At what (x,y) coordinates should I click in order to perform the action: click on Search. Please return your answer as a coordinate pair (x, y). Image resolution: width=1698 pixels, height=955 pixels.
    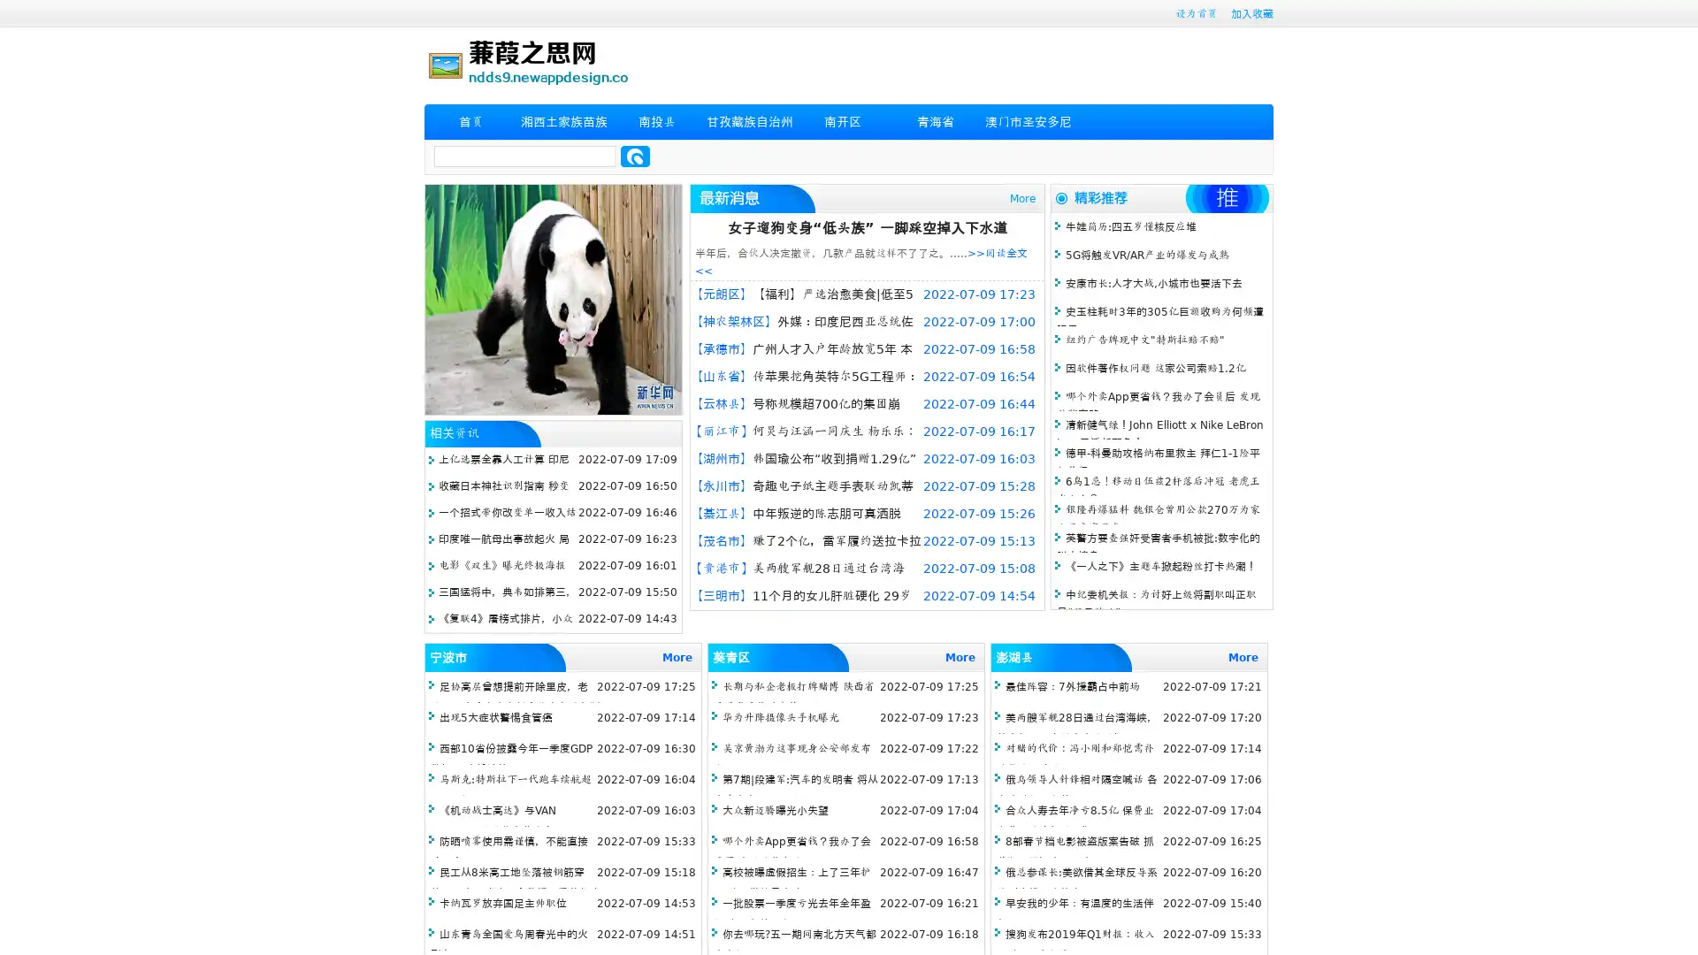
    Looking at the image, I should click on (635, 156).